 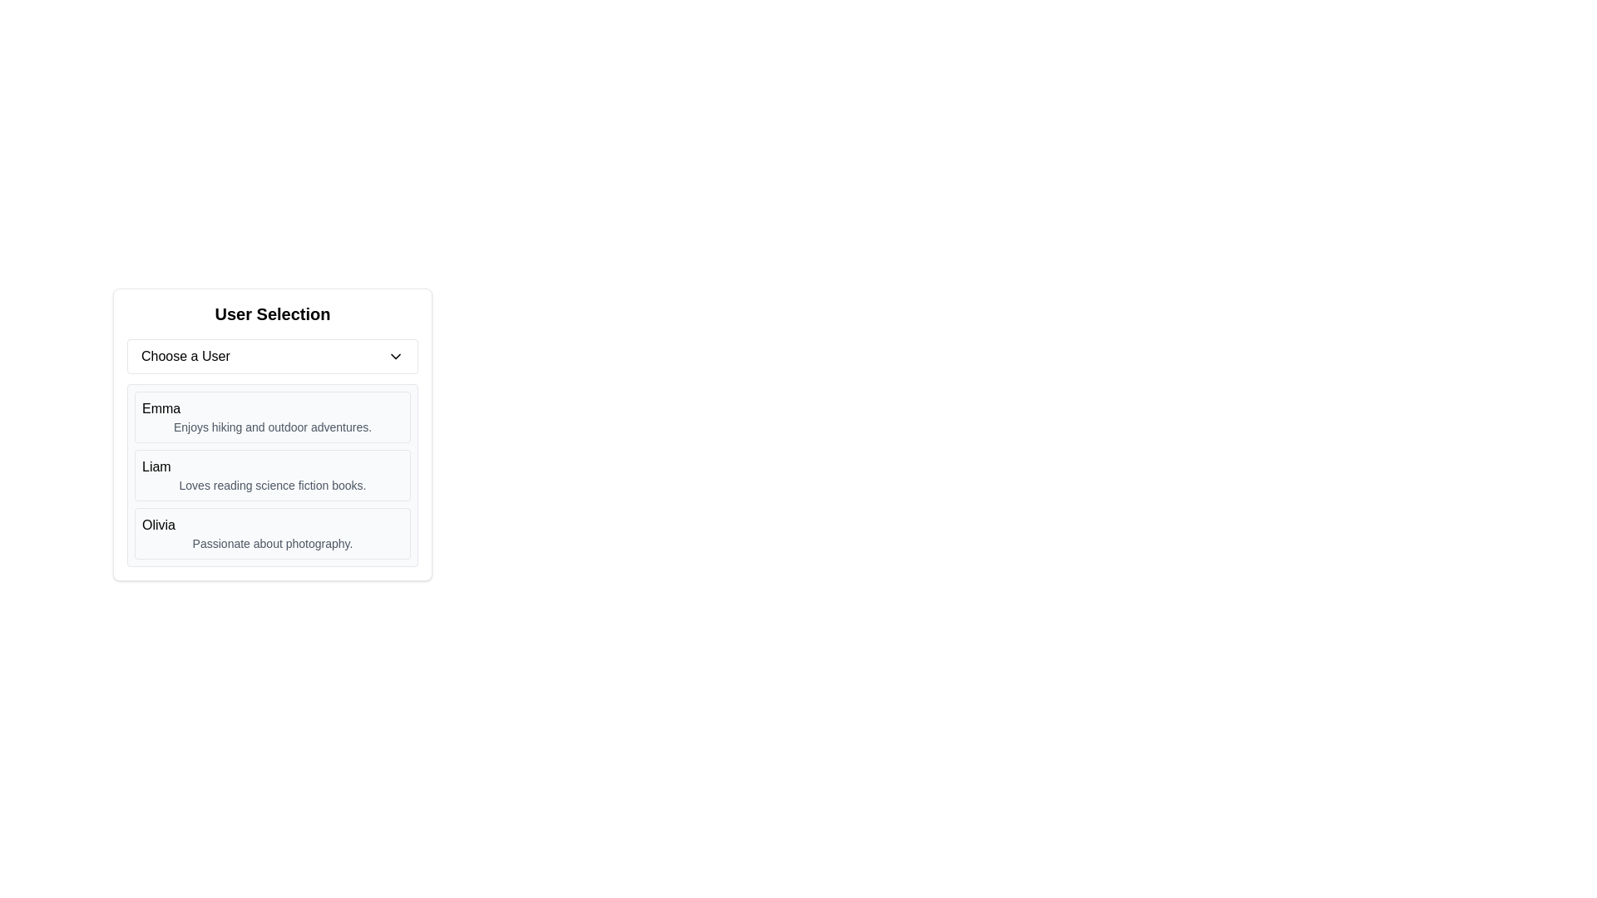 I want to click on the second selectable card displaying user information labeled 'Liam' in the vertical list of users beneath the 'Choose a User' dropdown, so click(x=272, y=475).